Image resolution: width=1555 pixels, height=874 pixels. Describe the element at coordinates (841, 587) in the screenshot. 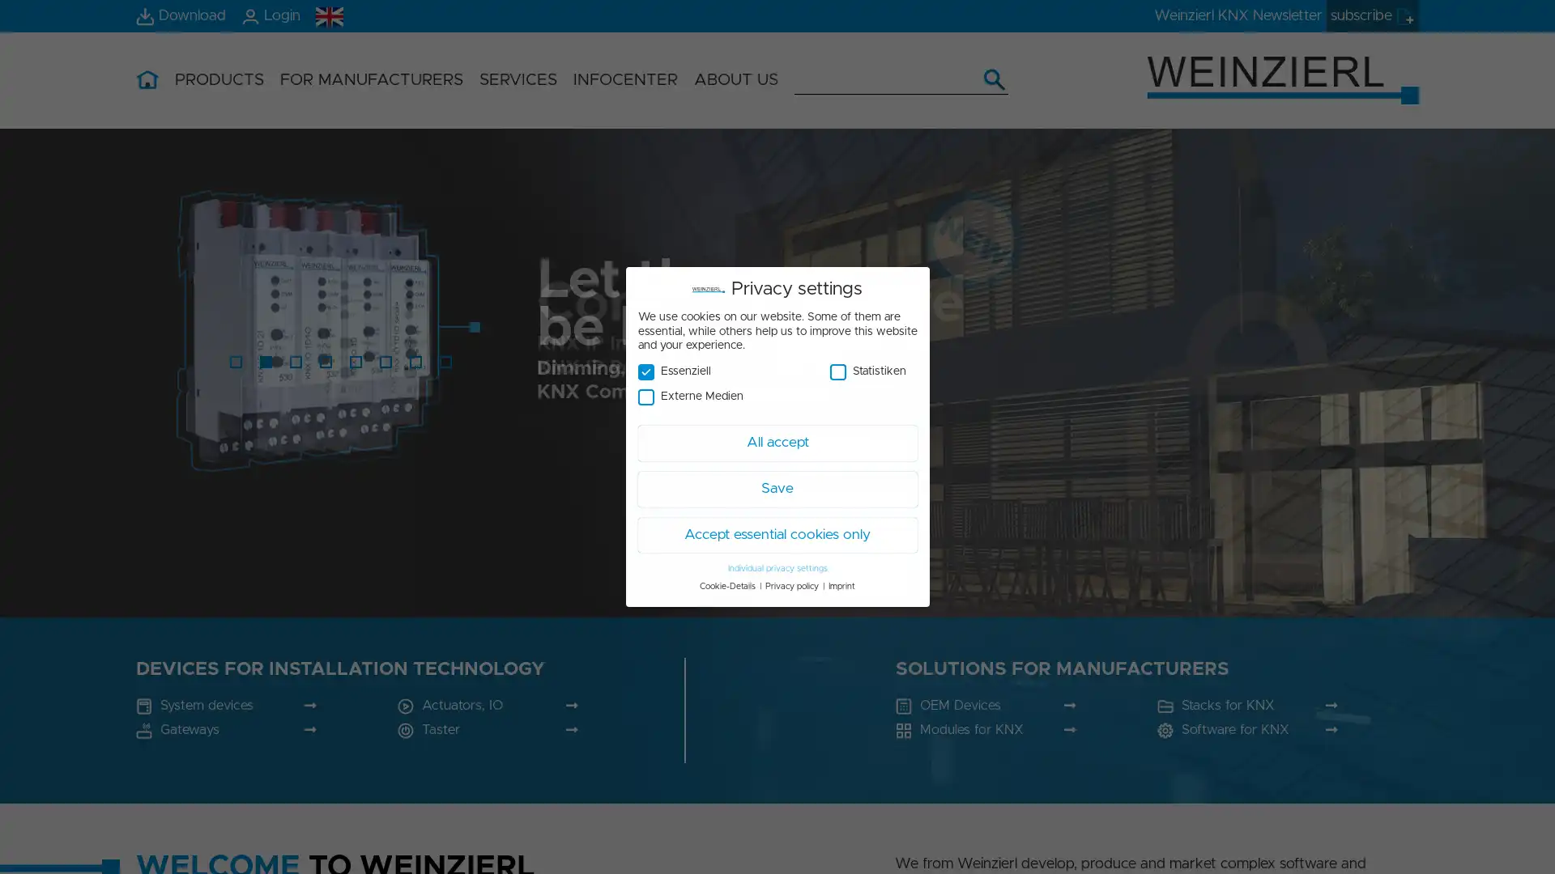

I see `Imprint` at that location.